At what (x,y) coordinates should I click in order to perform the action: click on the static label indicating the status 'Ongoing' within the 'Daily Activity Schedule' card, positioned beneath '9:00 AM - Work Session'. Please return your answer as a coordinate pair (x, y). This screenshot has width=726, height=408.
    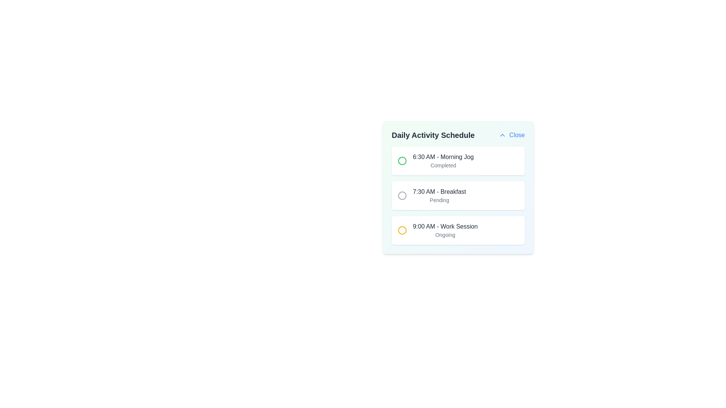
    Looking at the image, I should click on (445, 234).